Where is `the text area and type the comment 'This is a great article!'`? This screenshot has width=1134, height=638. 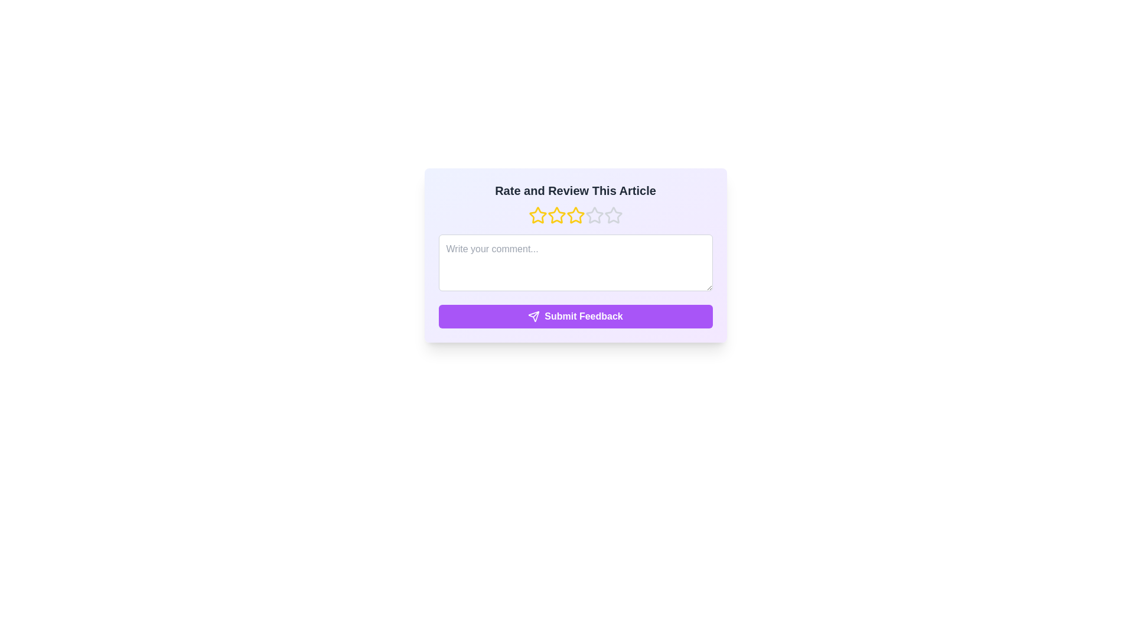 the text area and type the comment 'This is a great article!' is located at coordinates (575, 262).